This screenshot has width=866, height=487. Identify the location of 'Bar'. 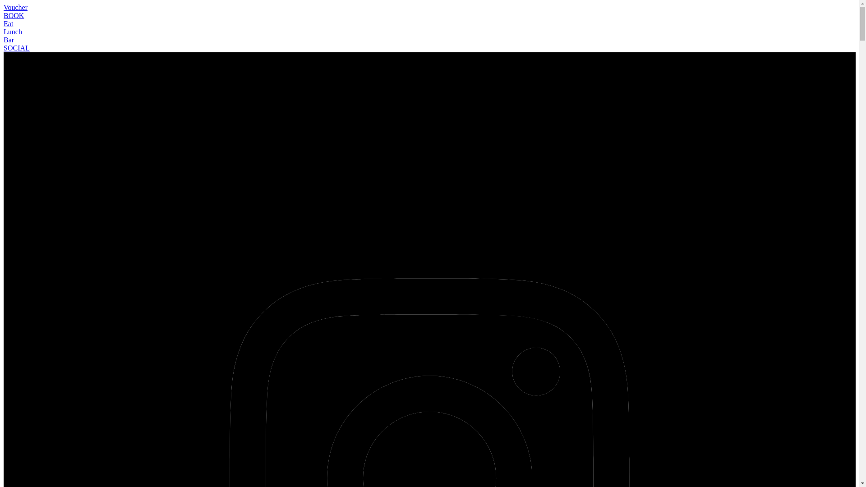
(9, 39).